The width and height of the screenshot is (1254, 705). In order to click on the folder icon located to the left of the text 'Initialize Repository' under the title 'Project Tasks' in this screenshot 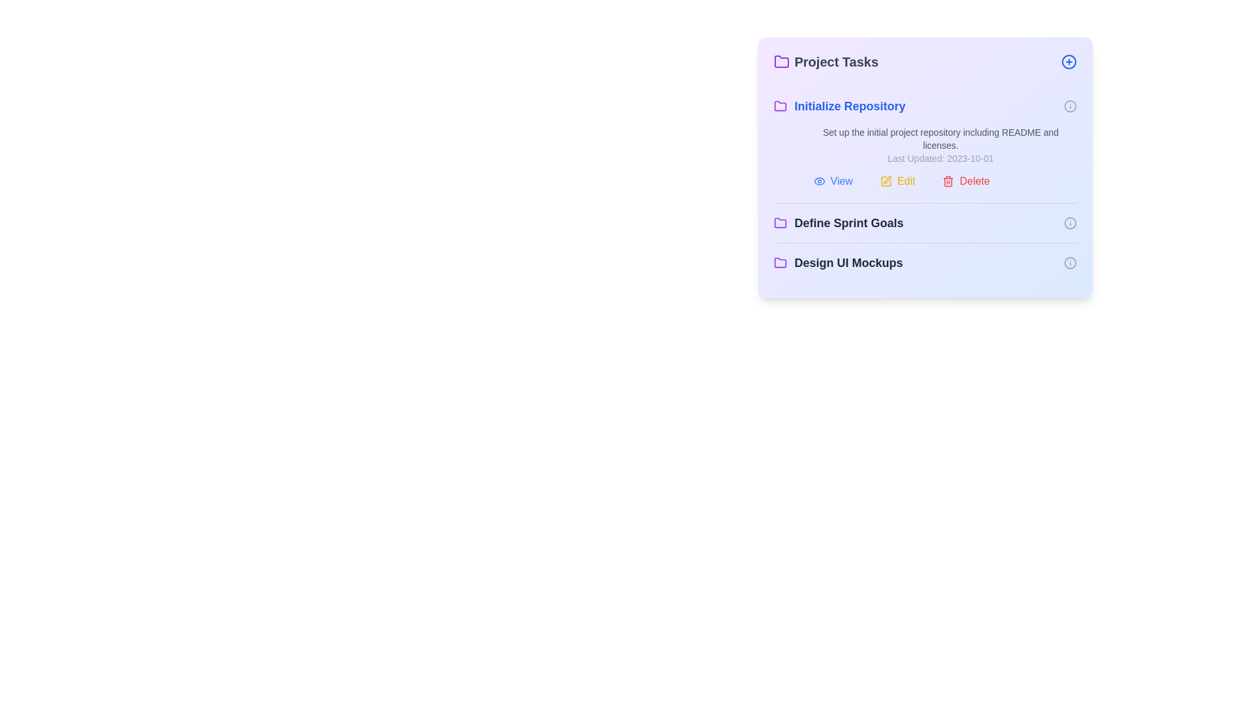, I will do `click(780, 105)`.